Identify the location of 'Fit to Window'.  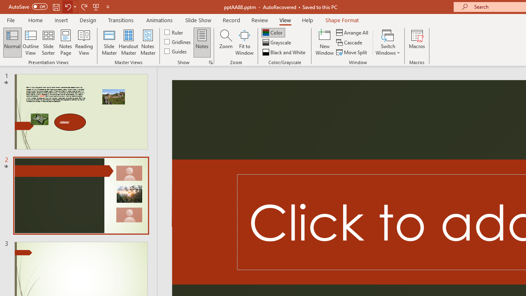
(244, 42).